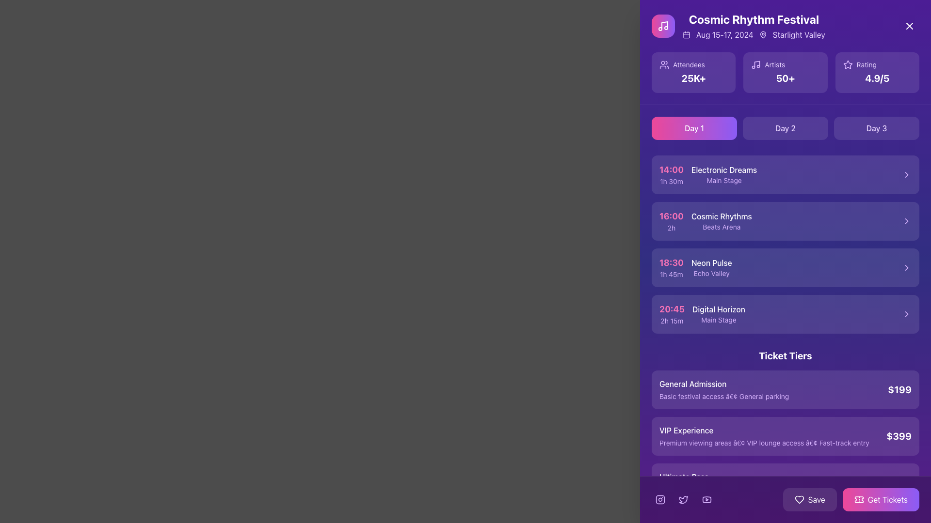 The height and width of the screenshot is (523, 931). Describe the element at coordinates (663, 65) in the screenshot. I see `the purple icon representing users, located to the left of the 'Attendees' text` at that location.